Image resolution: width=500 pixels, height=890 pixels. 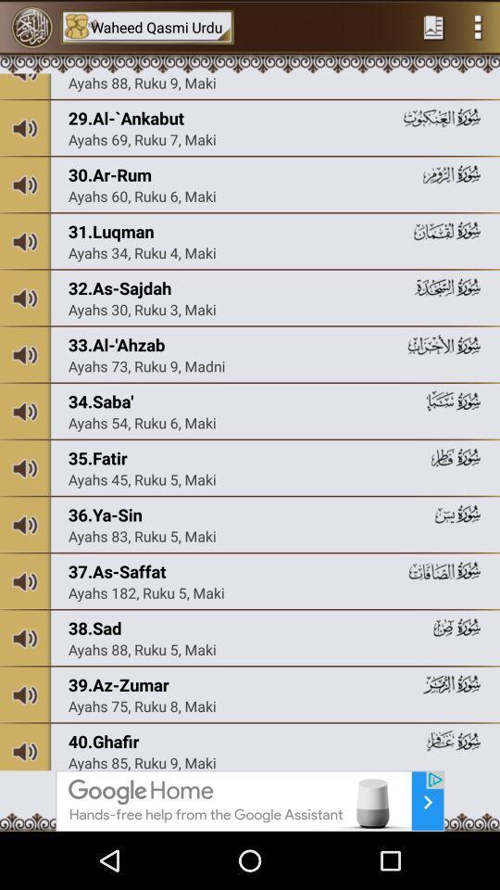 What do you see at coordinates (433, 28) in the screenshot?
I see `the bookmark icon` at bounding box center [433, 28].